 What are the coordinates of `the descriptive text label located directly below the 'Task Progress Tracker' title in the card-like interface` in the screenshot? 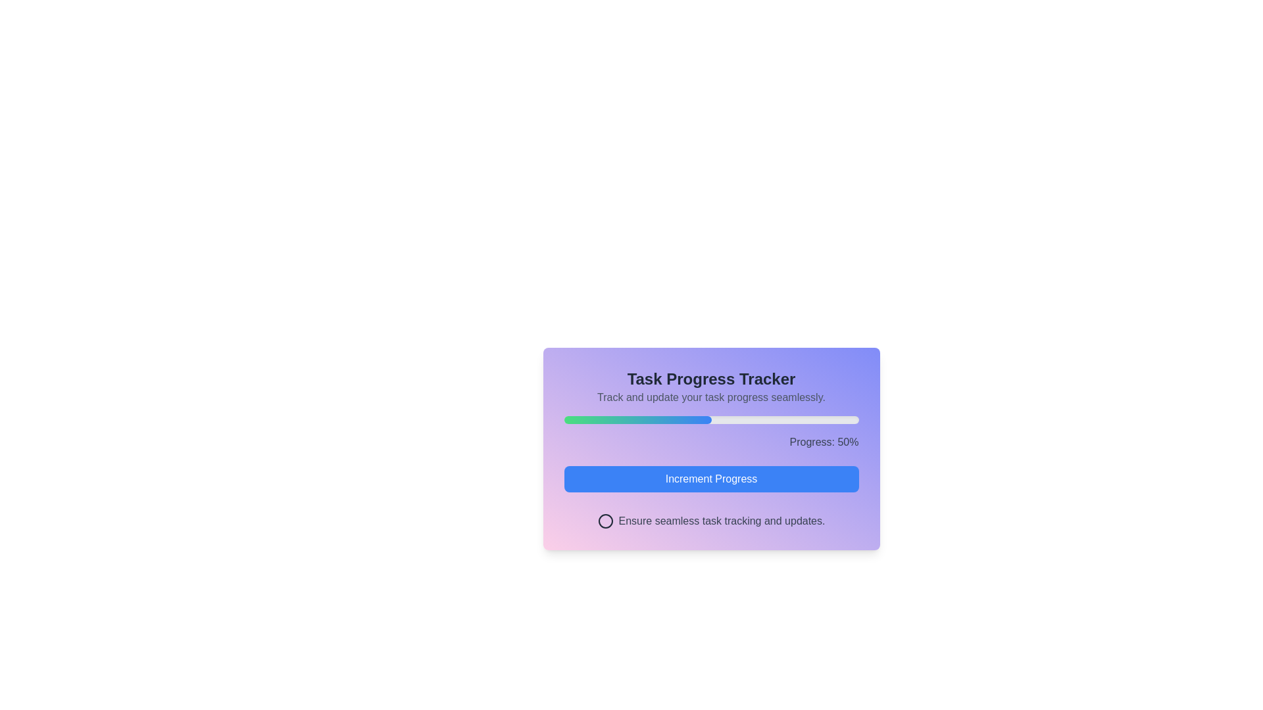 It's located at (710, 397).